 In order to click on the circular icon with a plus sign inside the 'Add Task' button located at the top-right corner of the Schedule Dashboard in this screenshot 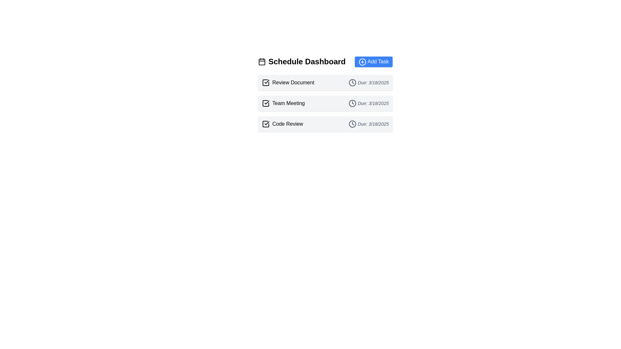, I will do `click(362, 62)`.